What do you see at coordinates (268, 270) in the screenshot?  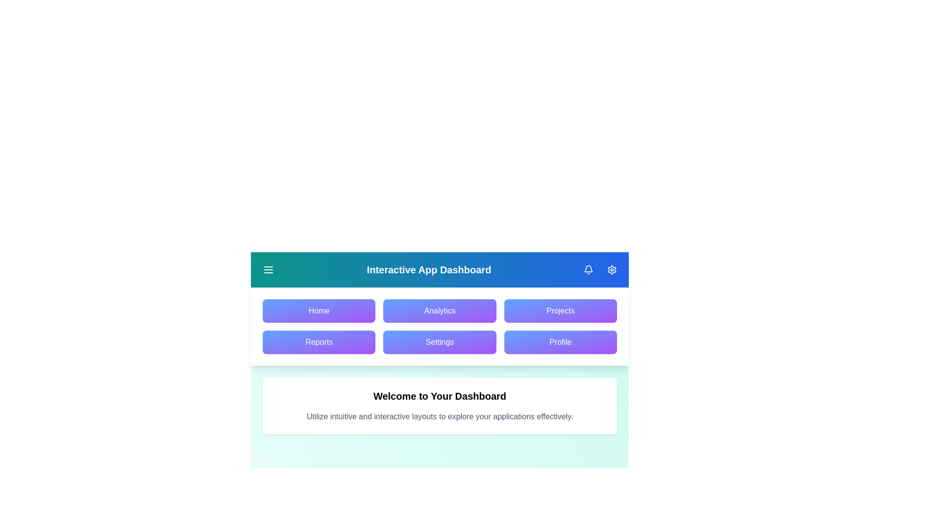 I see `the menu toggle button to toggle the menu visibility` at bounding box center [268, 270].